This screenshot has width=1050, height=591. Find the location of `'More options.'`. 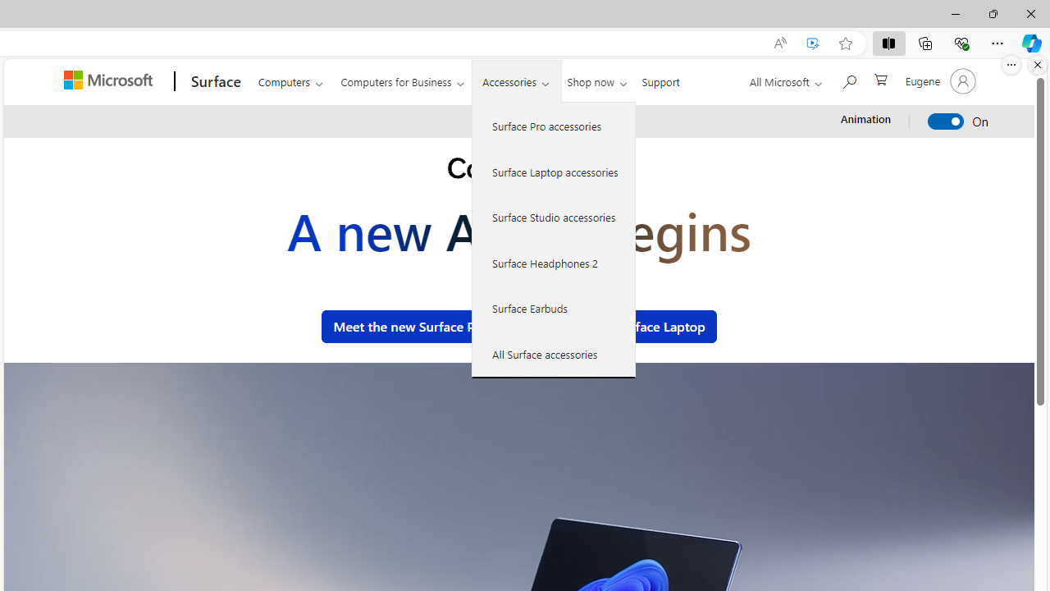

'More options.' is located at coordinates (1011, 64).